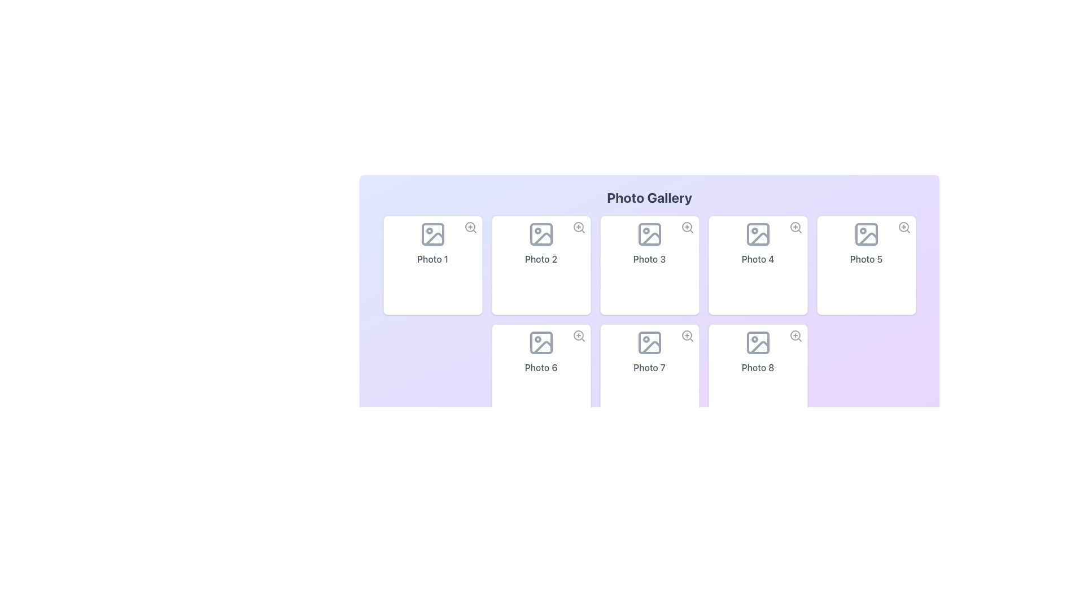 The width and height of the screenshot is (1084, 610). Describe the element at coordinates (540, 368) in the screenshot. I see `the text label that reads 'Photo 6', which is styled in gray and located at the bottom of a card in a grid layout` at that location.